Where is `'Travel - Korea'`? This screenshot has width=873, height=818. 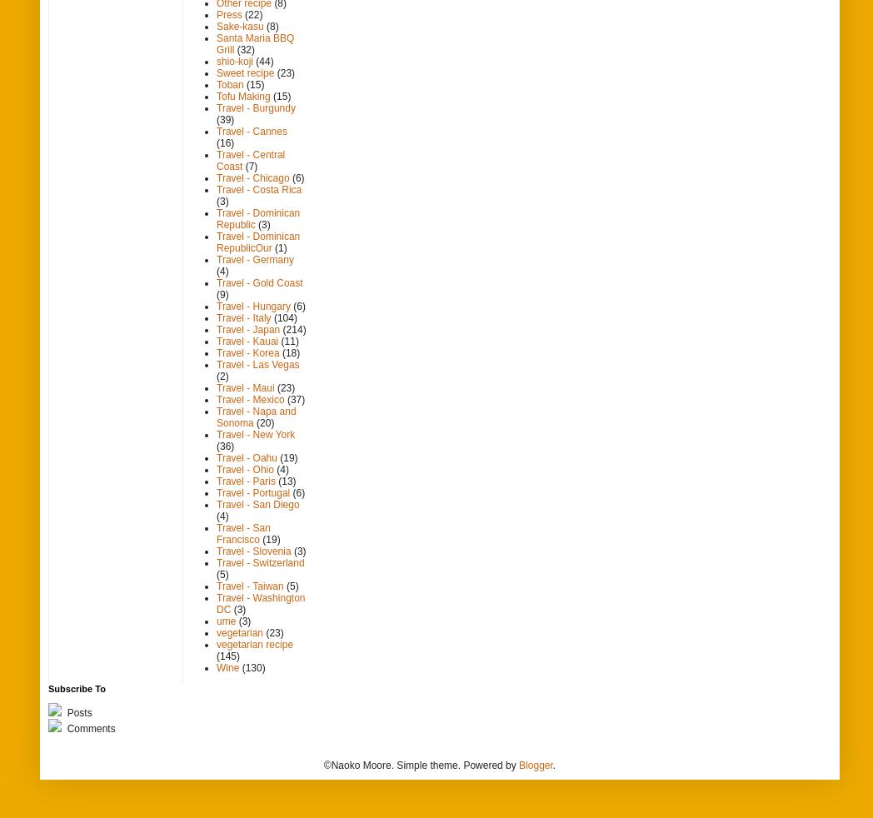 'Travel - Korea' is located at coordinates (247, 353).